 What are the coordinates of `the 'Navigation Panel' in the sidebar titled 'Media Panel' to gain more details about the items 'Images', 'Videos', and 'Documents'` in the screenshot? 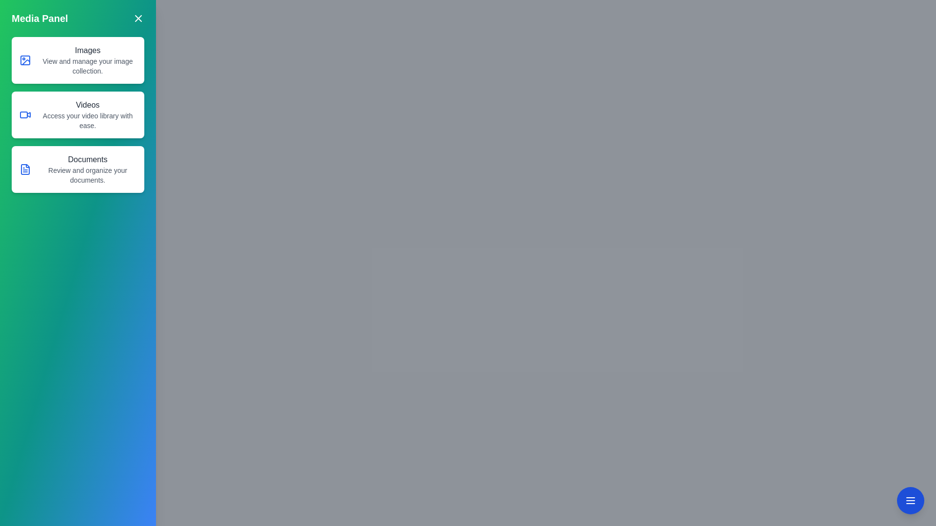 It's located at (77, 114).